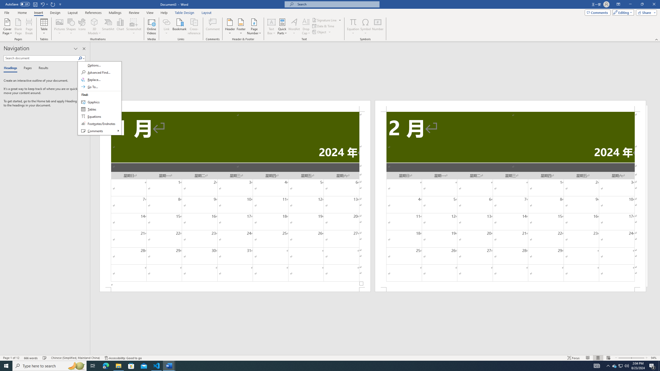  Describe the element at coordinates (71, 27) in the screenshot. I see `'Shapes'` at that location.